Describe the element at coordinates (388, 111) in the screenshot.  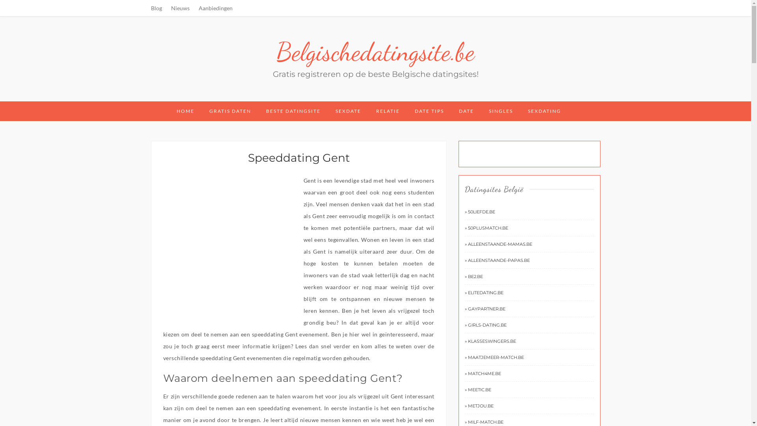
I see `'RELATIE'` at that location.